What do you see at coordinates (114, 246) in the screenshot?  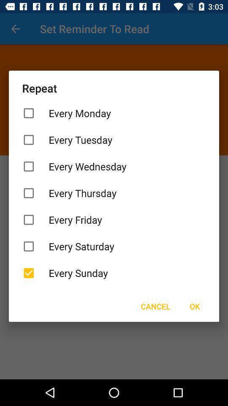 I see `the every saturday item` at bounding box center [114, 246].